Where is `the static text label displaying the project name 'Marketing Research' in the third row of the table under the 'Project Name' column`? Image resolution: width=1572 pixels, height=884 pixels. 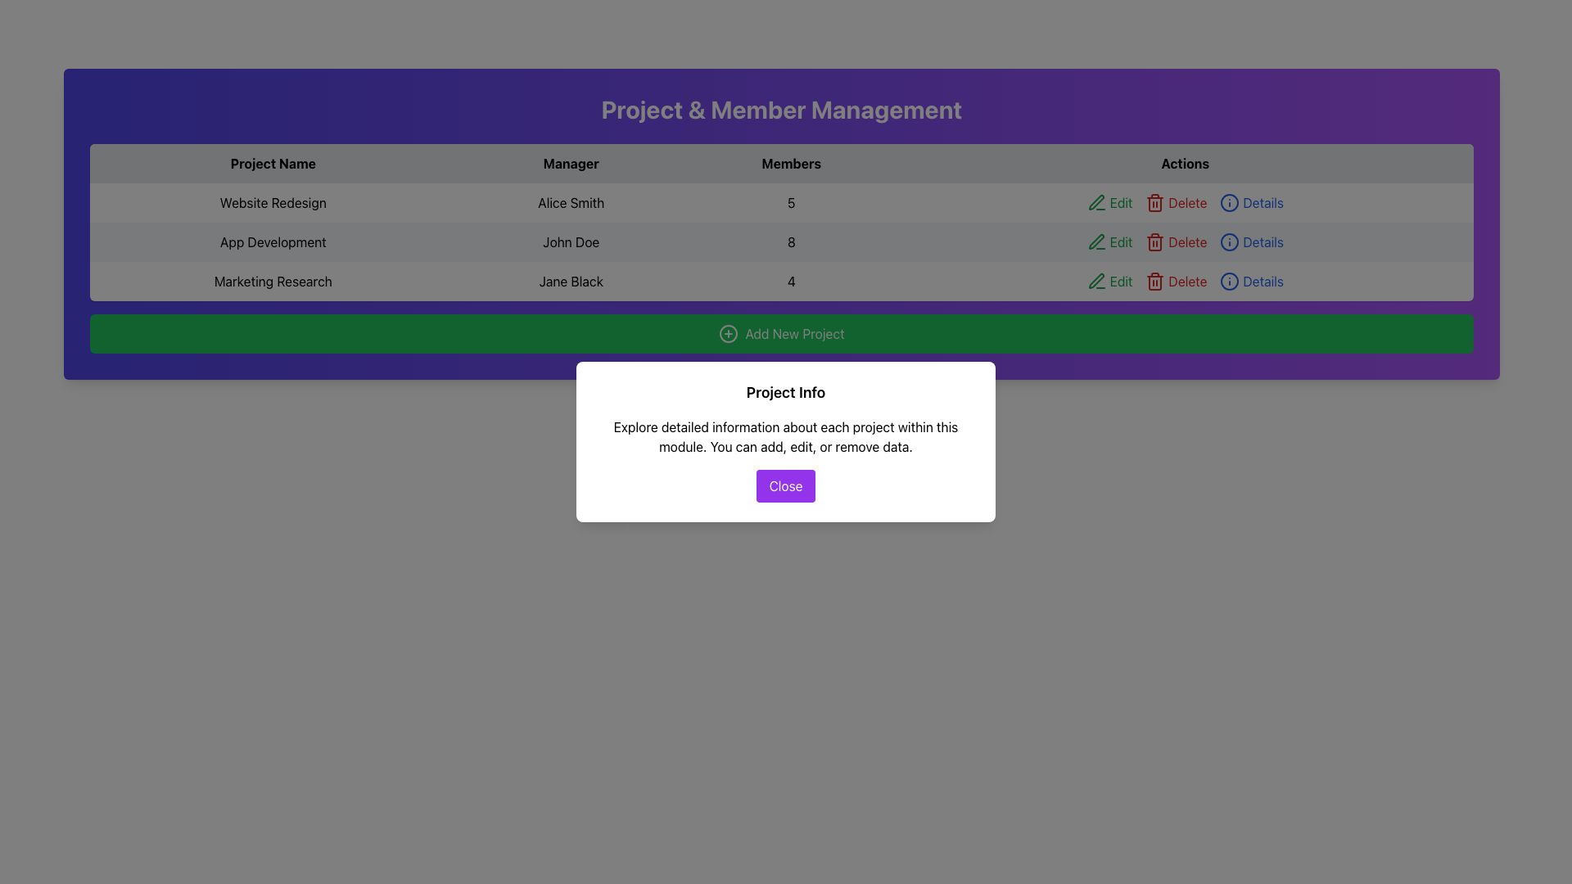
the static text label displaying the project name 'Marketing Research' in the third row of the table under the 'Project Name' column is located at coordinates (273, 280).